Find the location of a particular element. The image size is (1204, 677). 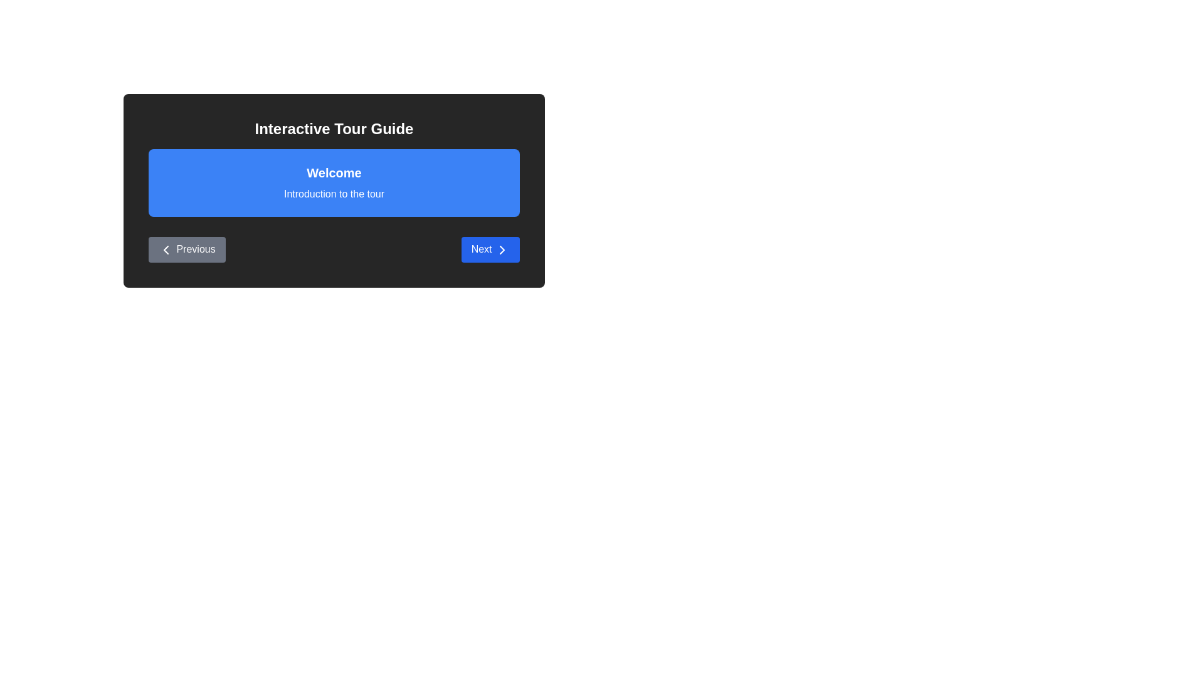

the 'Next' button to proceed to the next stage and read its content is located at coordinates (490, 249).